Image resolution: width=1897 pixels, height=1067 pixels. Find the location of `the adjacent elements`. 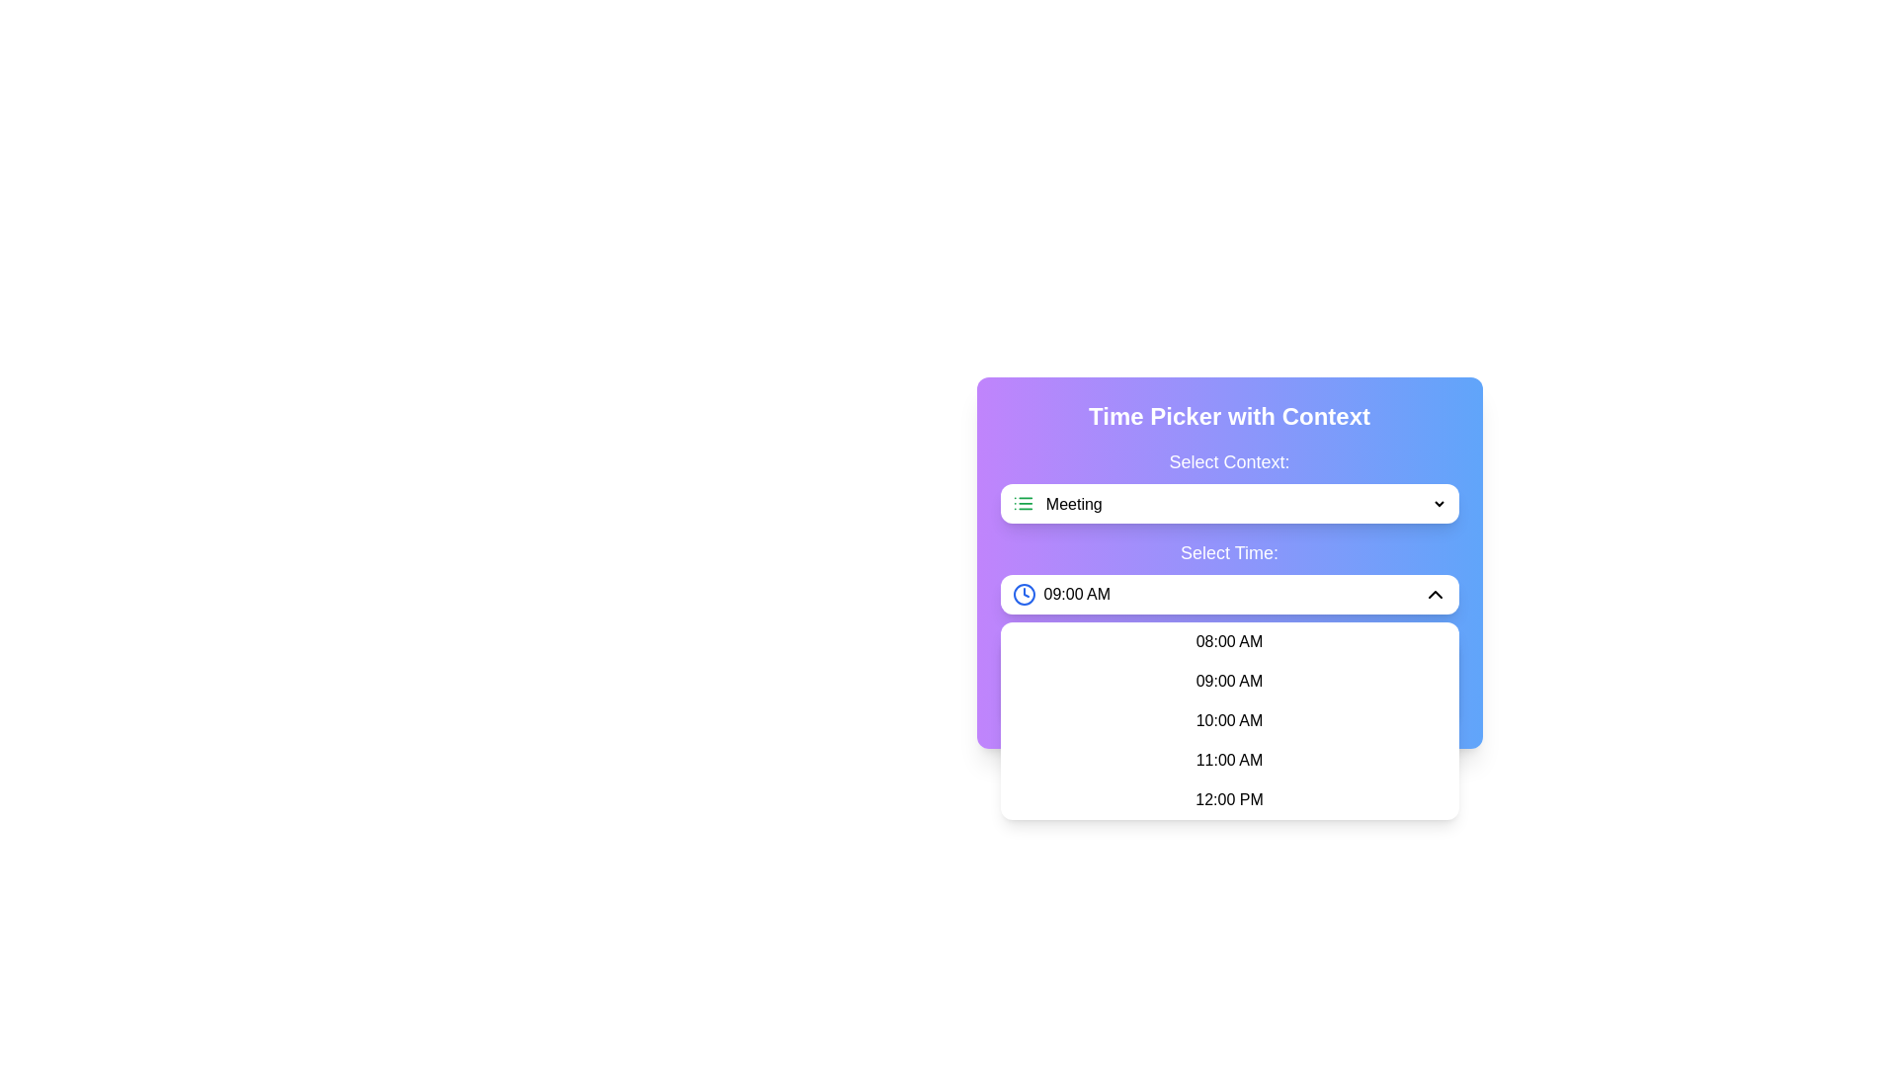

the adjacent elements is located at coordinates (1060, 593).